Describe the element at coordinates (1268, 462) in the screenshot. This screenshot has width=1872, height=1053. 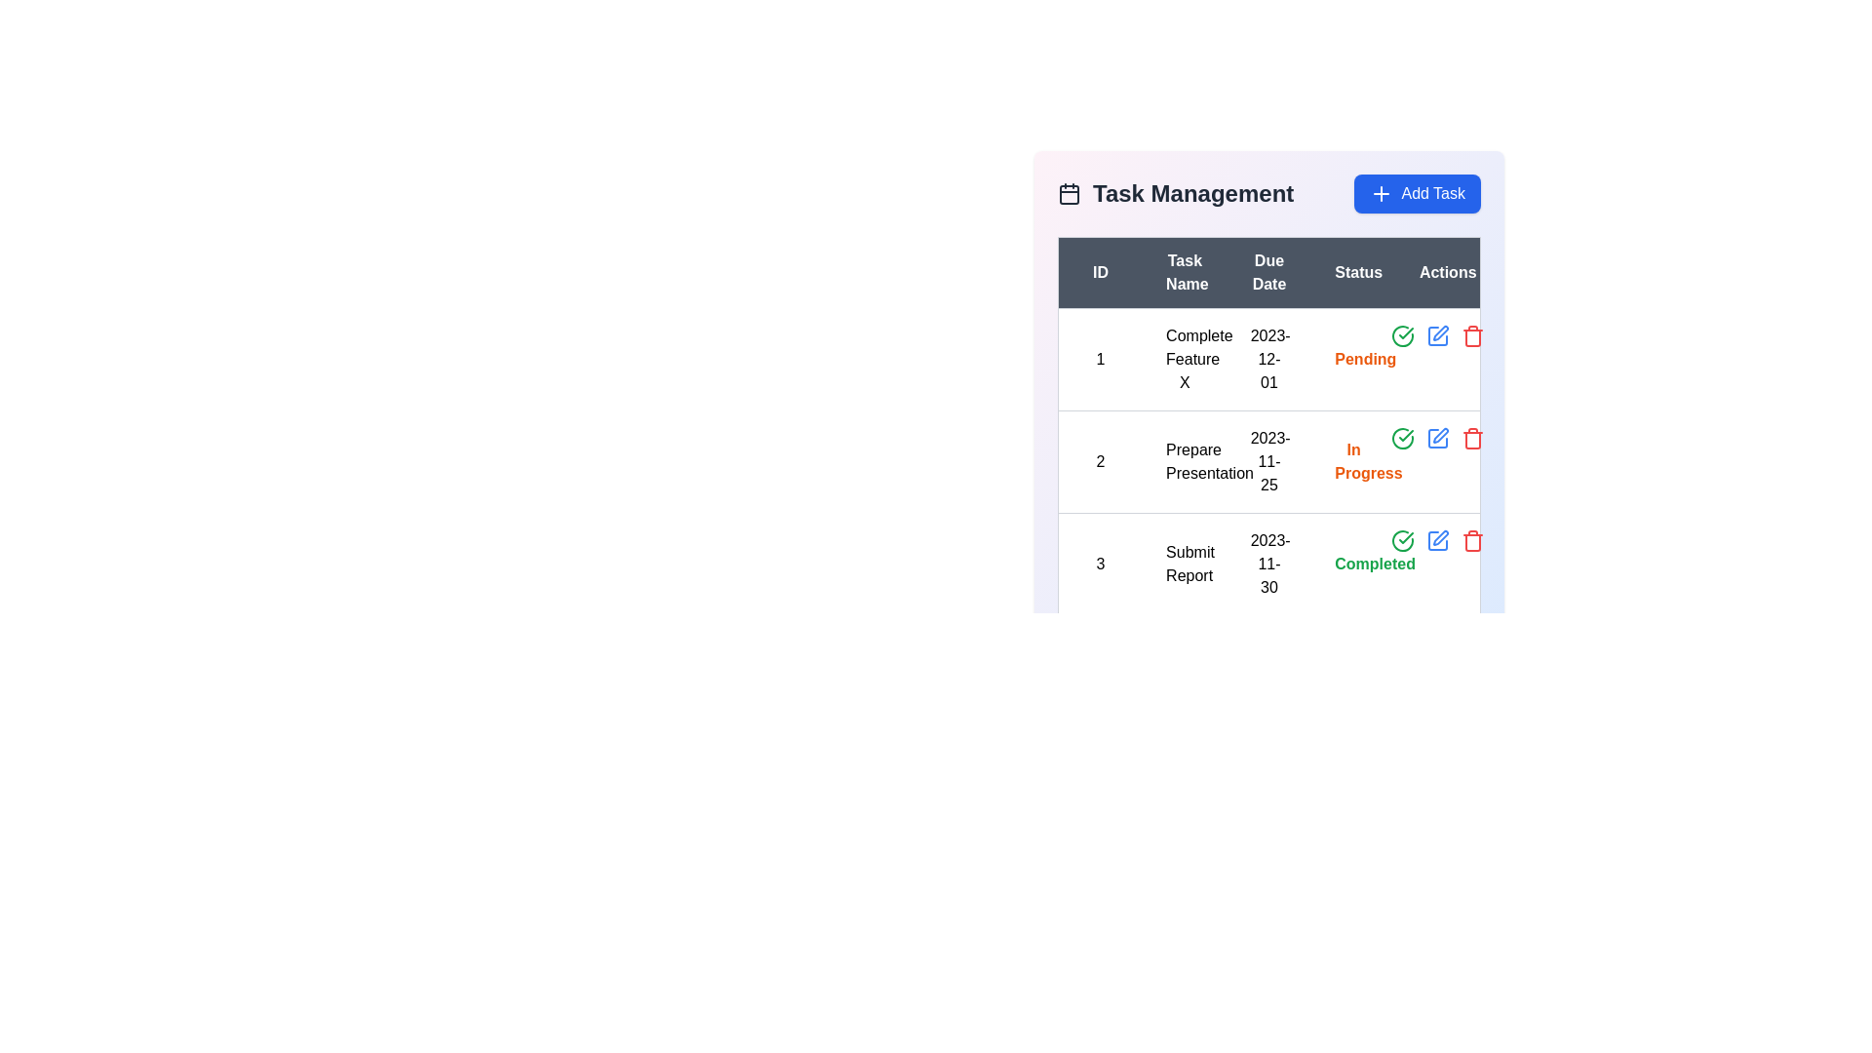
I see `the date text label displaying '2023-11-25' in the third column of the second row under the 'Due Date' header` at that location.